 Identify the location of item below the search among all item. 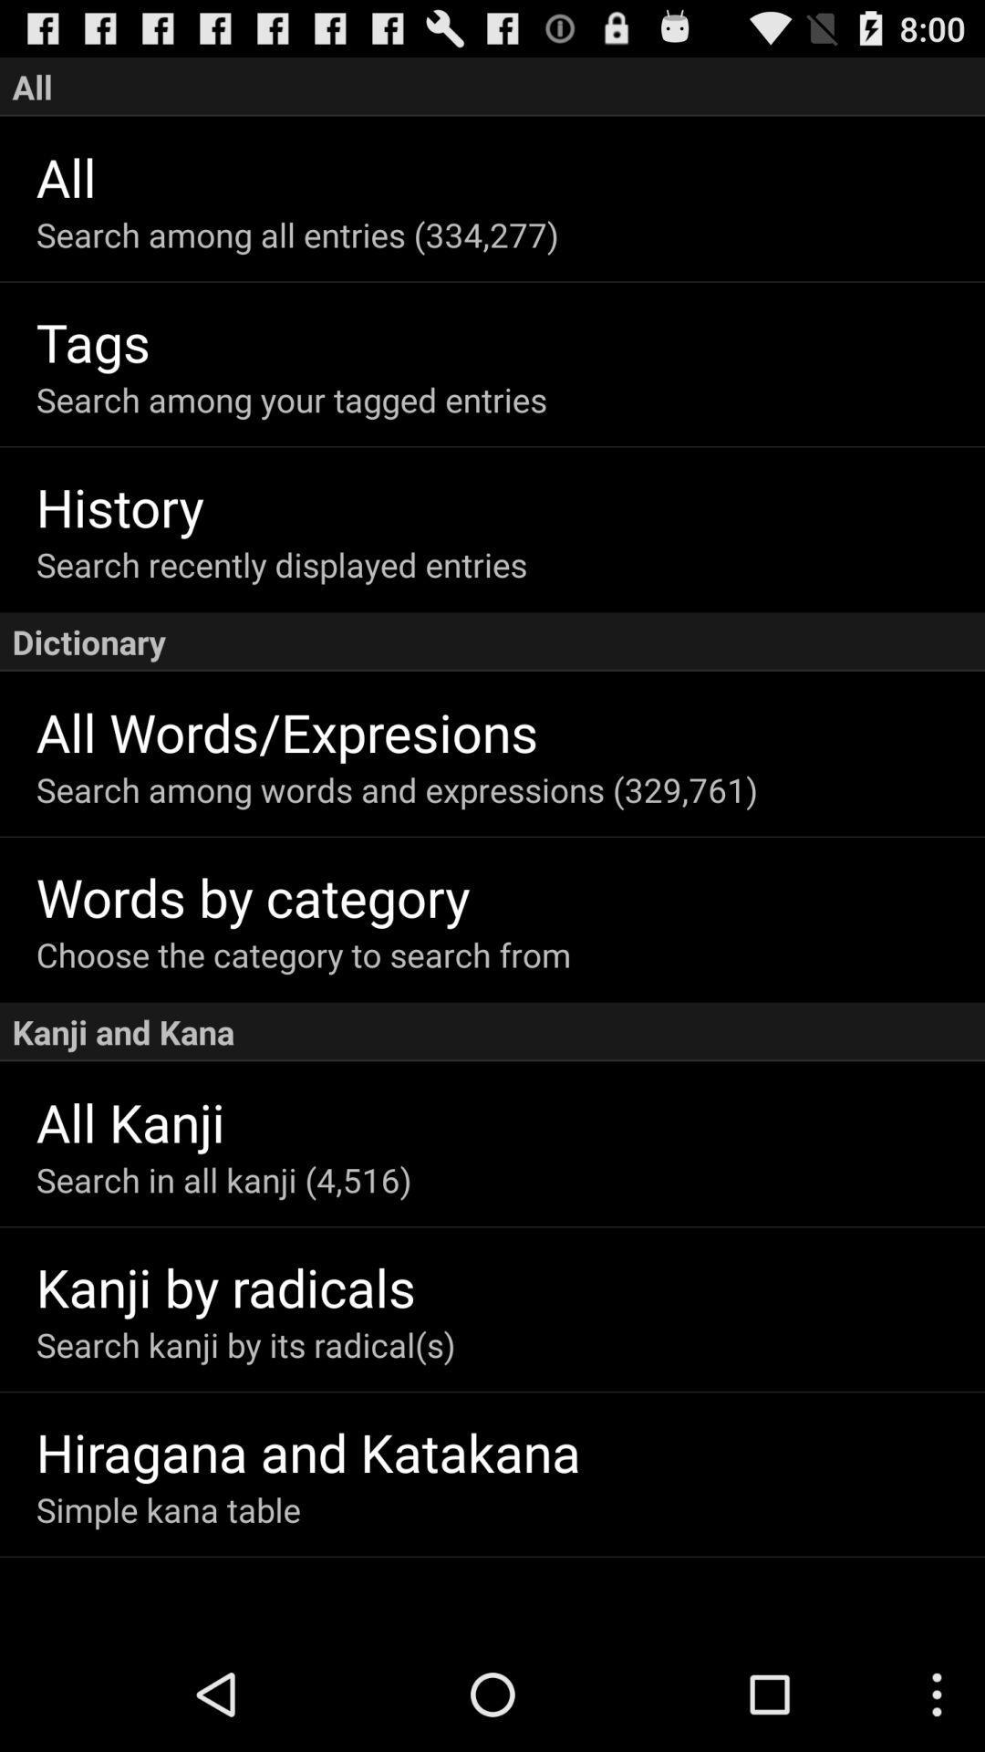
(510, 341).